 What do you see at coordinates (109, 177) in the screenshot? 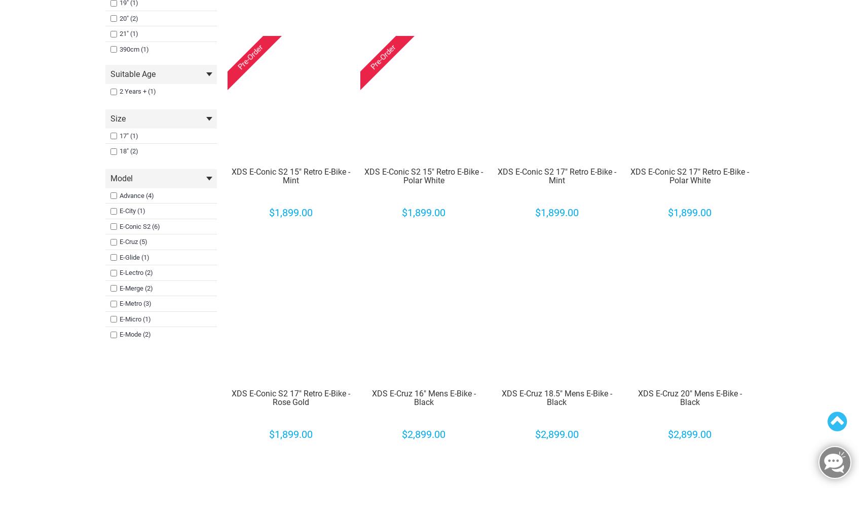
I see `'Model'` at bounding box center [109, 177].